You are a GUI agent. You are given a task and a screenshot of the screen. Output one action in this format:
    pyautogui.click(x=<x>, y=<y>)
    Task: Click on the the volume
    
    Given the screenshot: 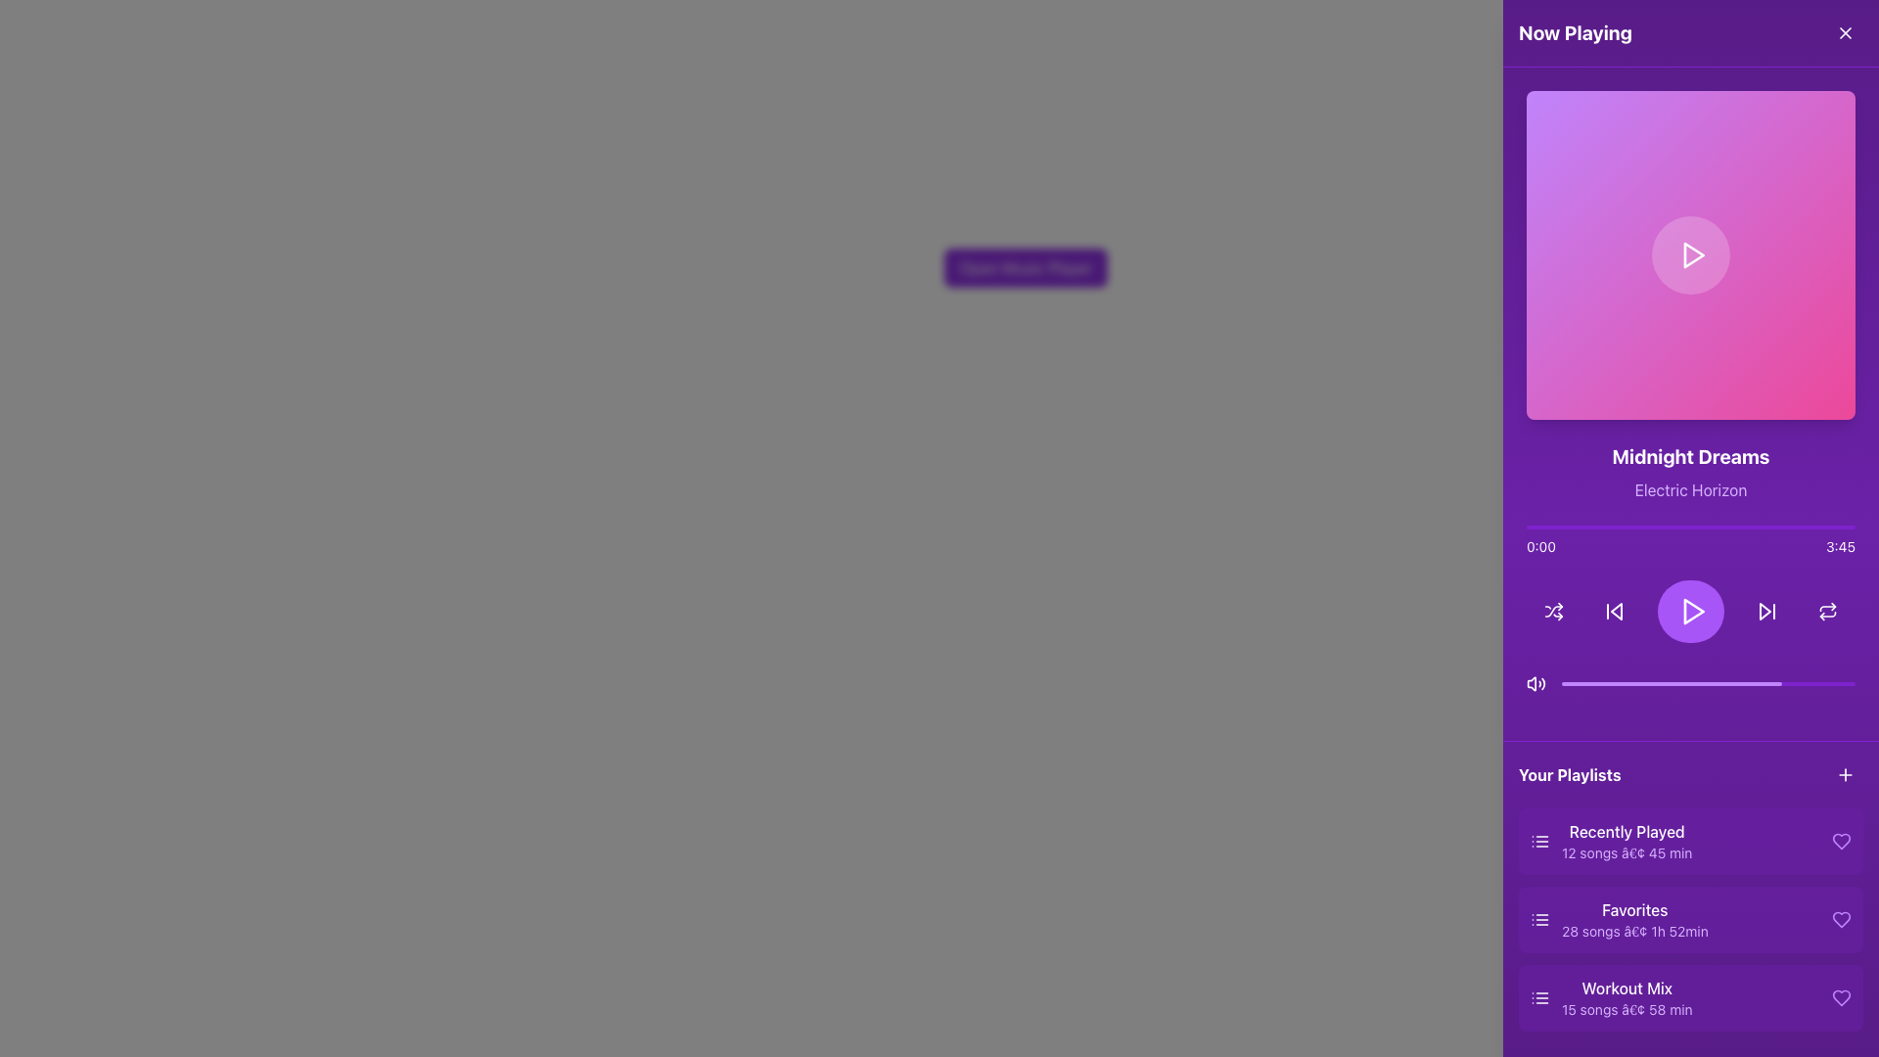 What is the action you would take?
    pyautogui.click(x=1629, y=682)
    